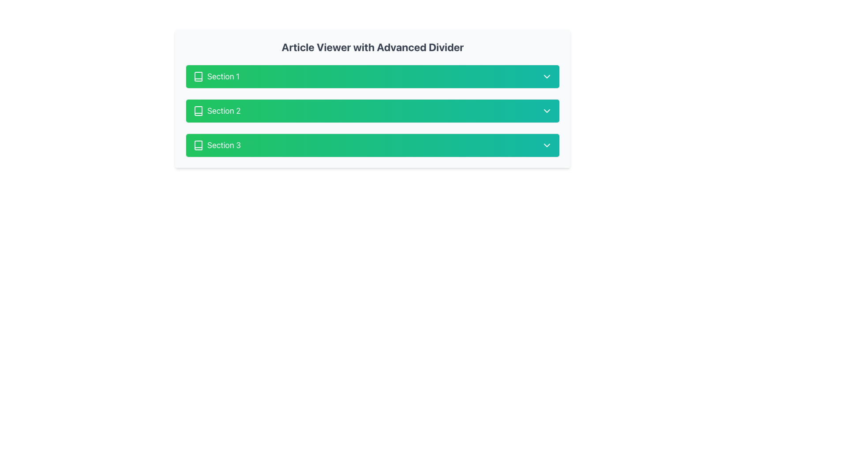 This screenshot has width=847, height=476. Describe the element at coordinates (372, 76) in the screenshot. I see `the green gradient bar labeled 'Section 1'` at that location.